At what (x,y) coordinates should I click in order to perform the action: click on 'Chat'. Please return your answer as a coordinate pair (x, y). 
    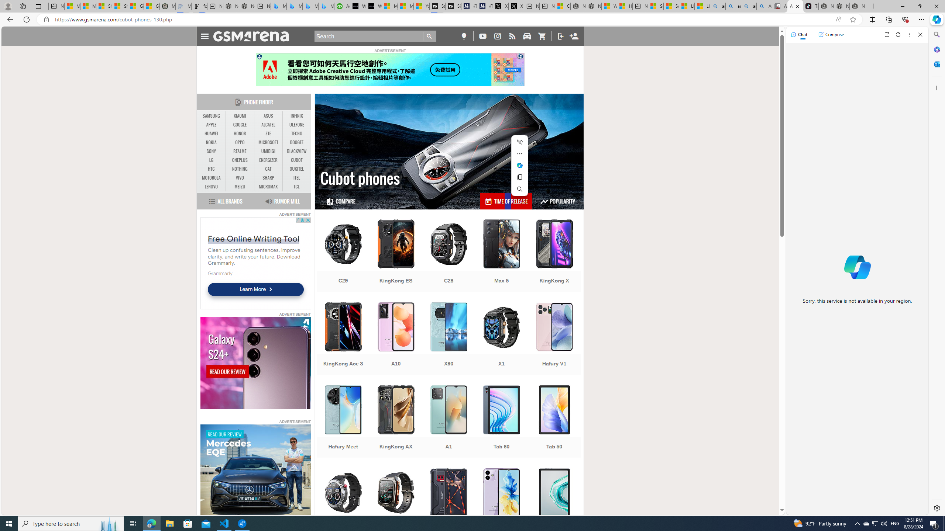
    Looking at the image, I should click on (799, 34).